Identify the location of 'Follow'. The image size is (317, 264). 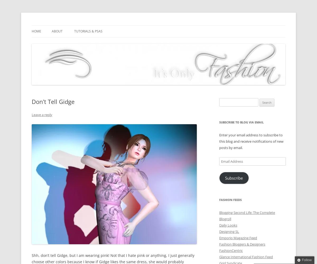
(306, 259).